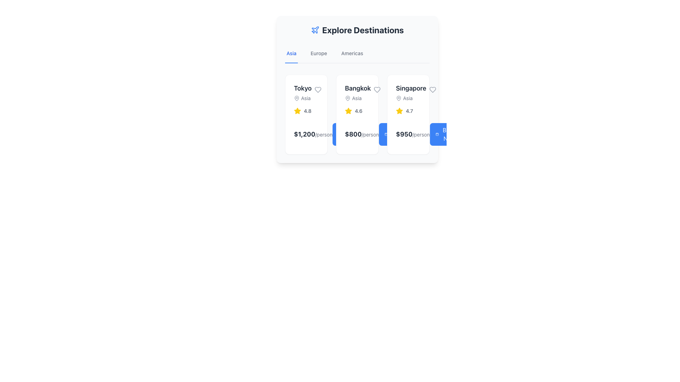 The image size is (680, 382). Describe the element at coordinates (306, 92) in the screenshot. I see `the Display label containing the text 'Tokyo' and the icon, which is prominently styled and located at the top of the leftmost card in the 'Explore Destinations' section` at that location.